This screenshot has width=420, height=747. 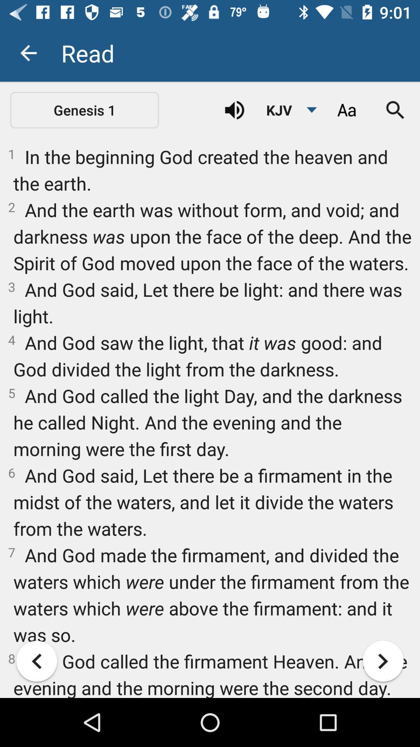 What do you see at coordinates (383, 661) in the screenshot?
I see `next` at bounding box center [383, 661].